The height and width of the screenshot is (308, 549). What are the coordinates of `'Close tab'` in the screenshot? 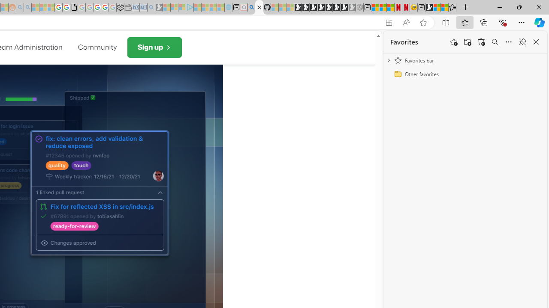 It's located at (259, 7).